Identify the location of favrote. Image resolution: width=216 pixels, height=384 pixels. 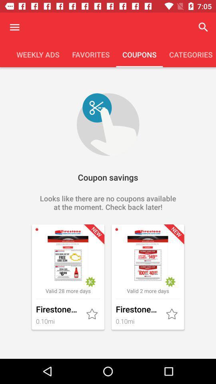
(172, 314).